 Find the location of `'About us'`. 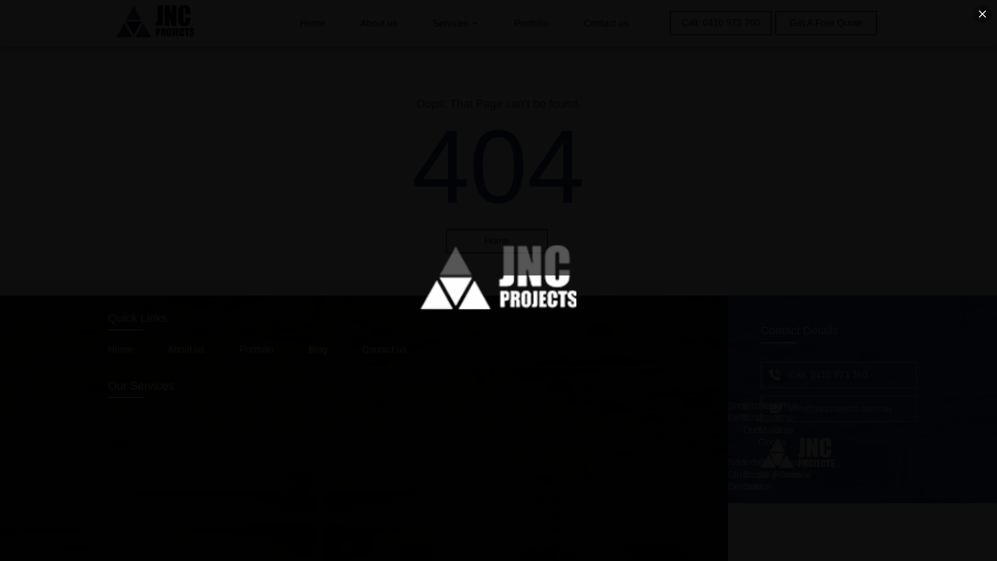

'About us' is located at coordinates (378, 23).